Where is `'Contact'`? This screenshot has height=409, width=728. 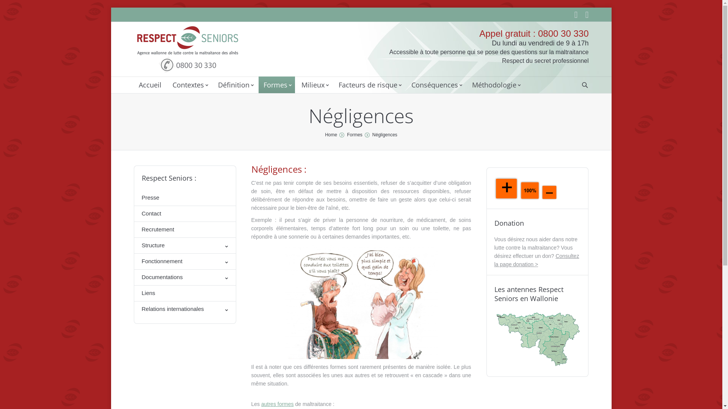 'Contact' is located at coordinates (134, 214).